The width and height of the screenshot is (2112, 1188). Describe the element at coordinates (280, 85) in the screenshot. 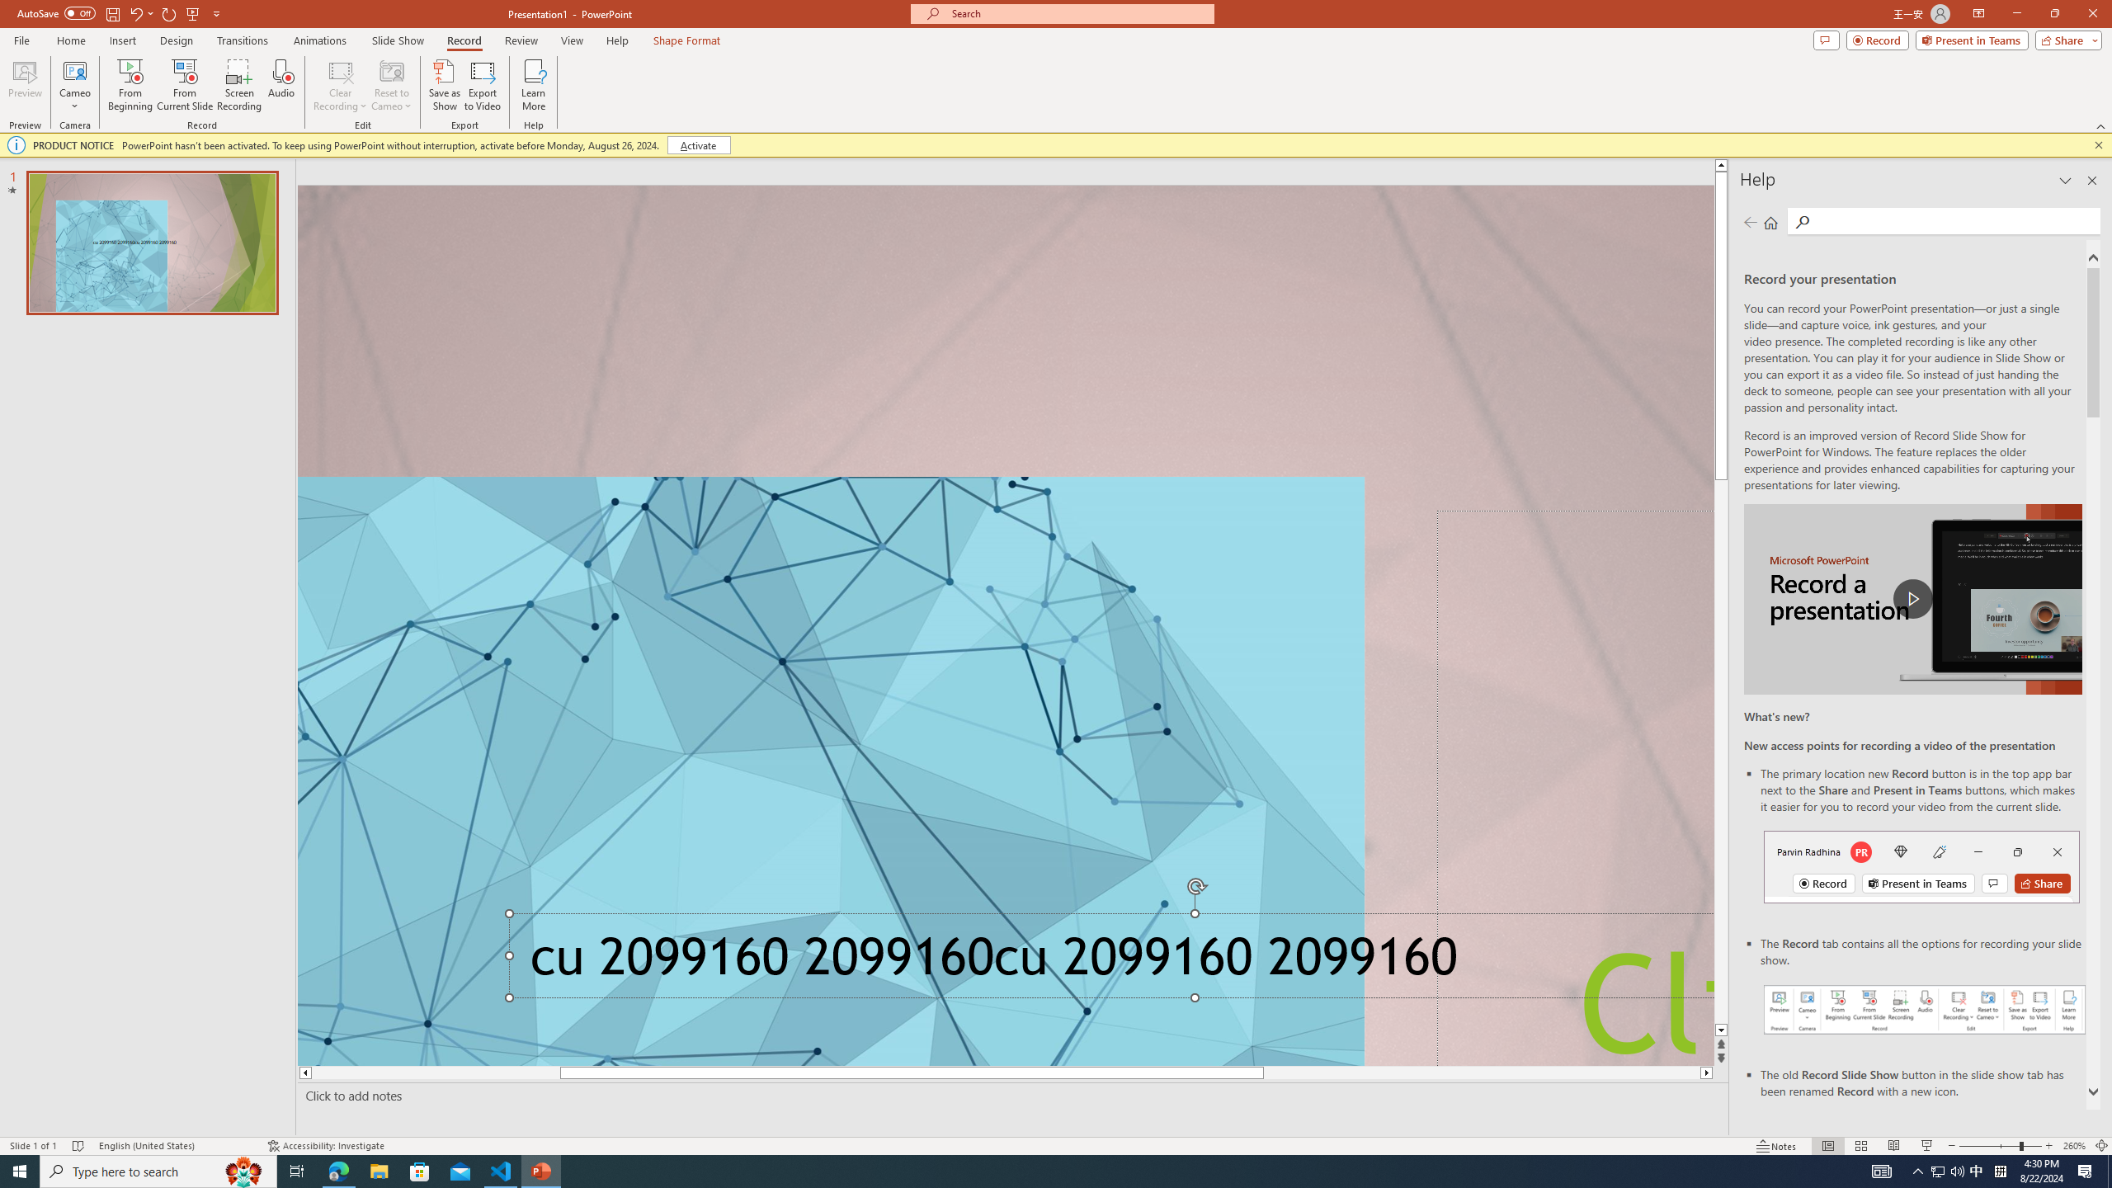

I see `'Audio'` at that location.